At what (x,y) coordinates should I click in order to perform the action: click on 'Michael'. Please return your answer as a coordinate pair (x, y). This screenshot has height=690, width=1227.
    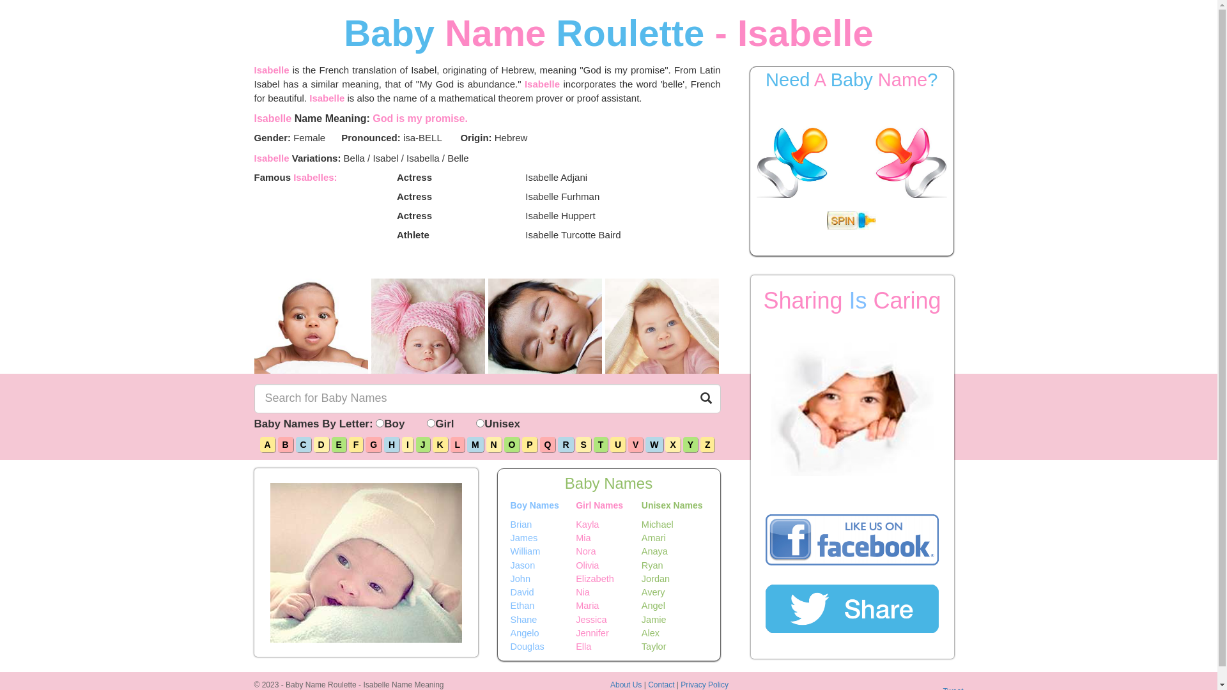
    Looking at the image, I should click on (674, 524).